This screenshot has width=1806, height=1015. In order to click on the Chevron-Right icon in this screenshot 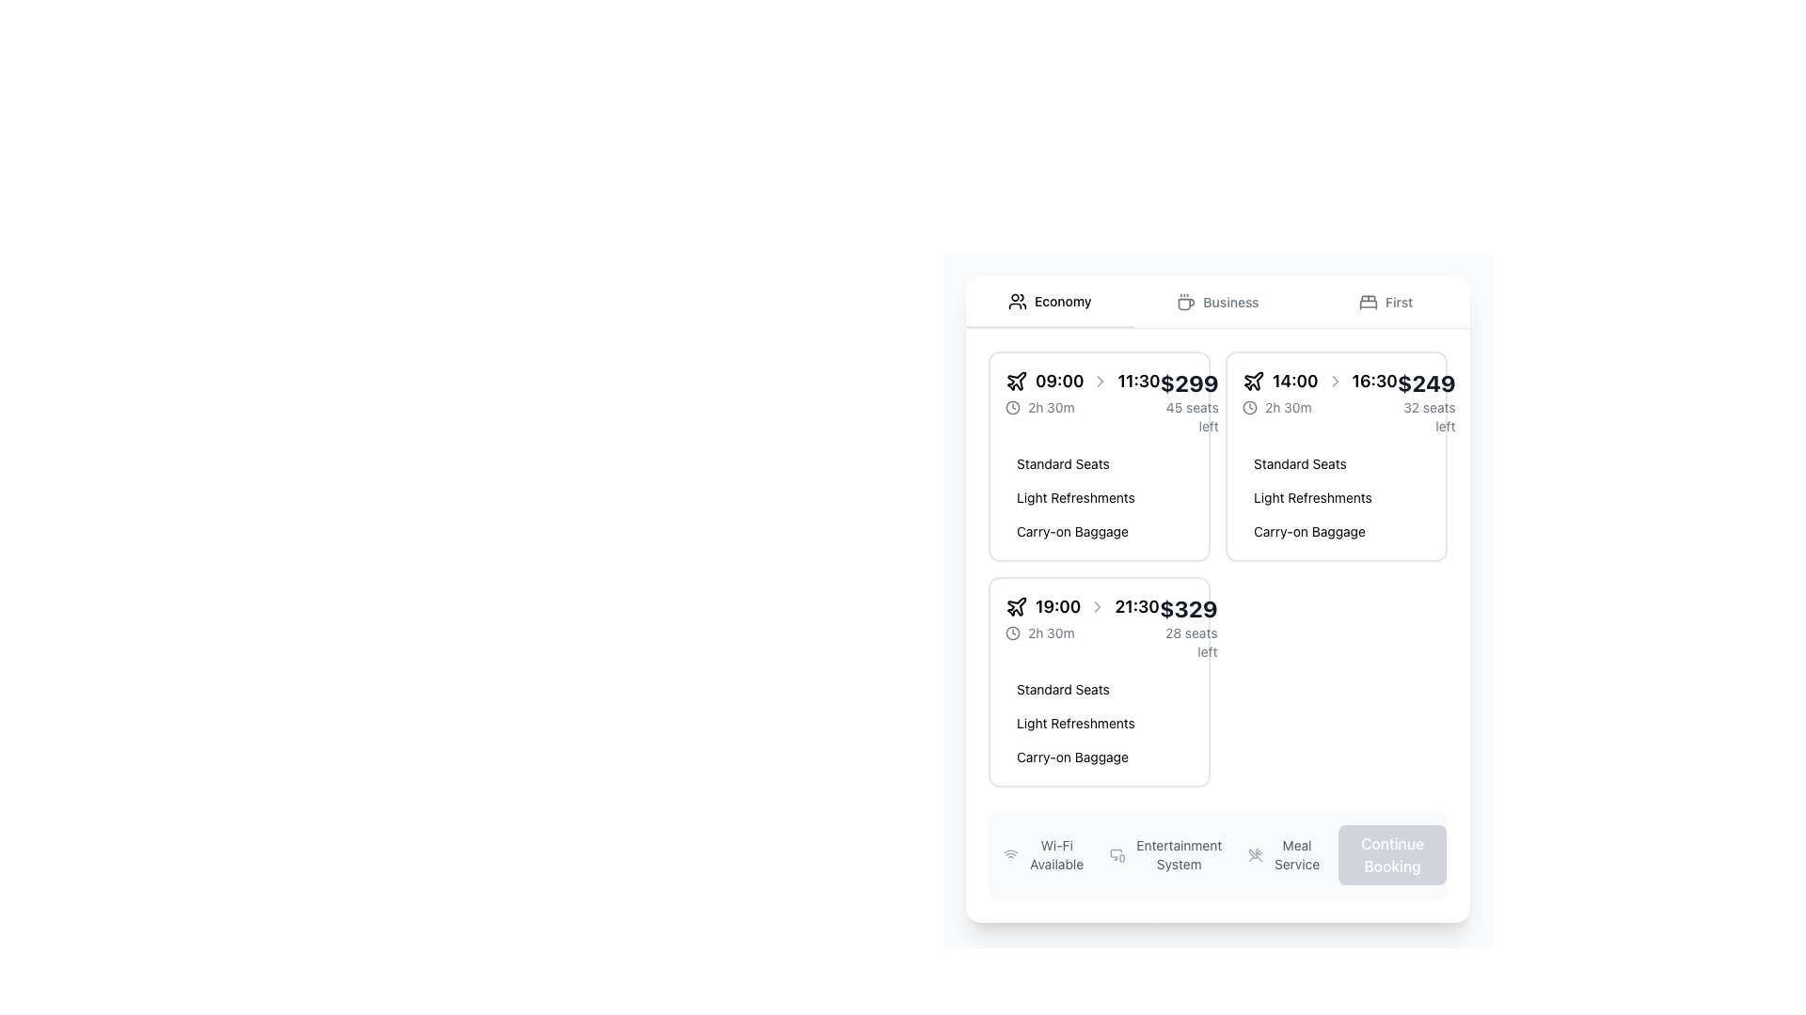, I will do `click(1101, 381)`.